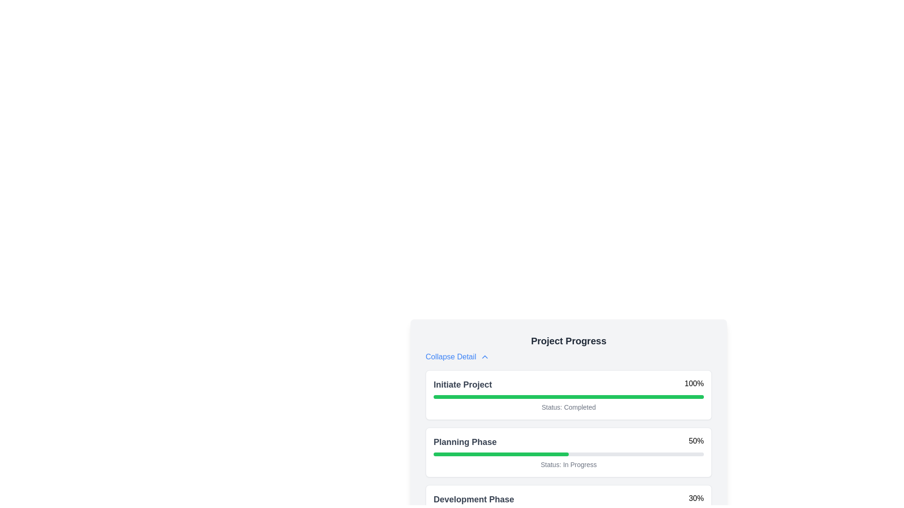  What do you see at coordinates (465, 442) in the screenshot?
I see `text label that says 'Planning Phase', which is styled in bold and dark gray color, located in the 'Project Progress' section above the progress bar` at bounding box center [465, 442].